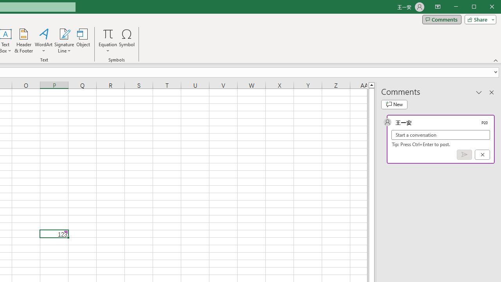 The width and height of the screenshot is (501, 282). Describe the element at coordinates (441, 134) in the screenshot. I see `'Start a conversation'` at that location.